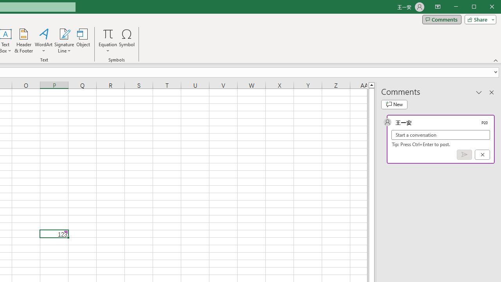 The width and height of the screenshot is (501, 282). Describe the element at coordinates (441, 134) in the screenshot. I see `'Start a conversation'` at that location.